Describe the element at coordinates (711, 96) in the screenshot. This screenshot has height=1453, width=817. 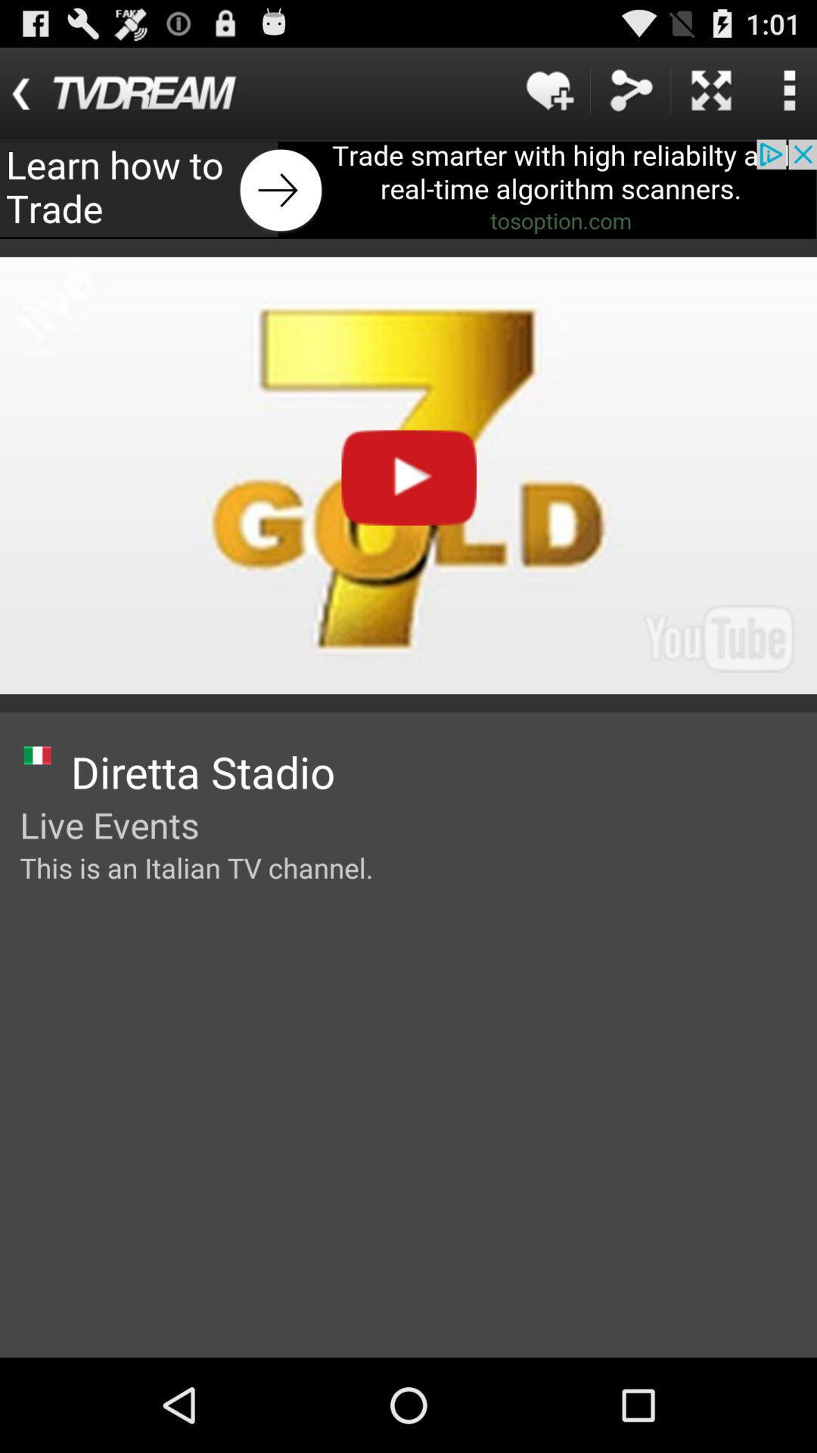
I see `the close icon` at that location.